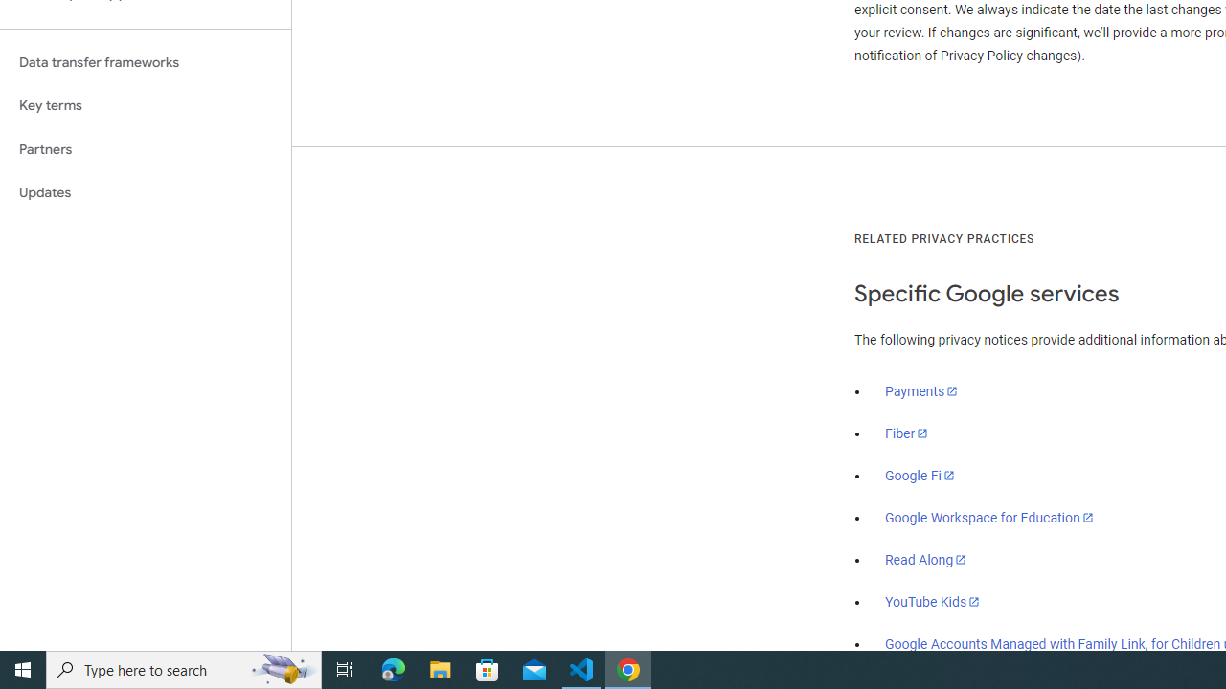 This screenshot has width=1226, height=689. What do you see at coordinates (145, 105) in the screenshot?
I see `'Key terms'` at bounding box center [145, 105].